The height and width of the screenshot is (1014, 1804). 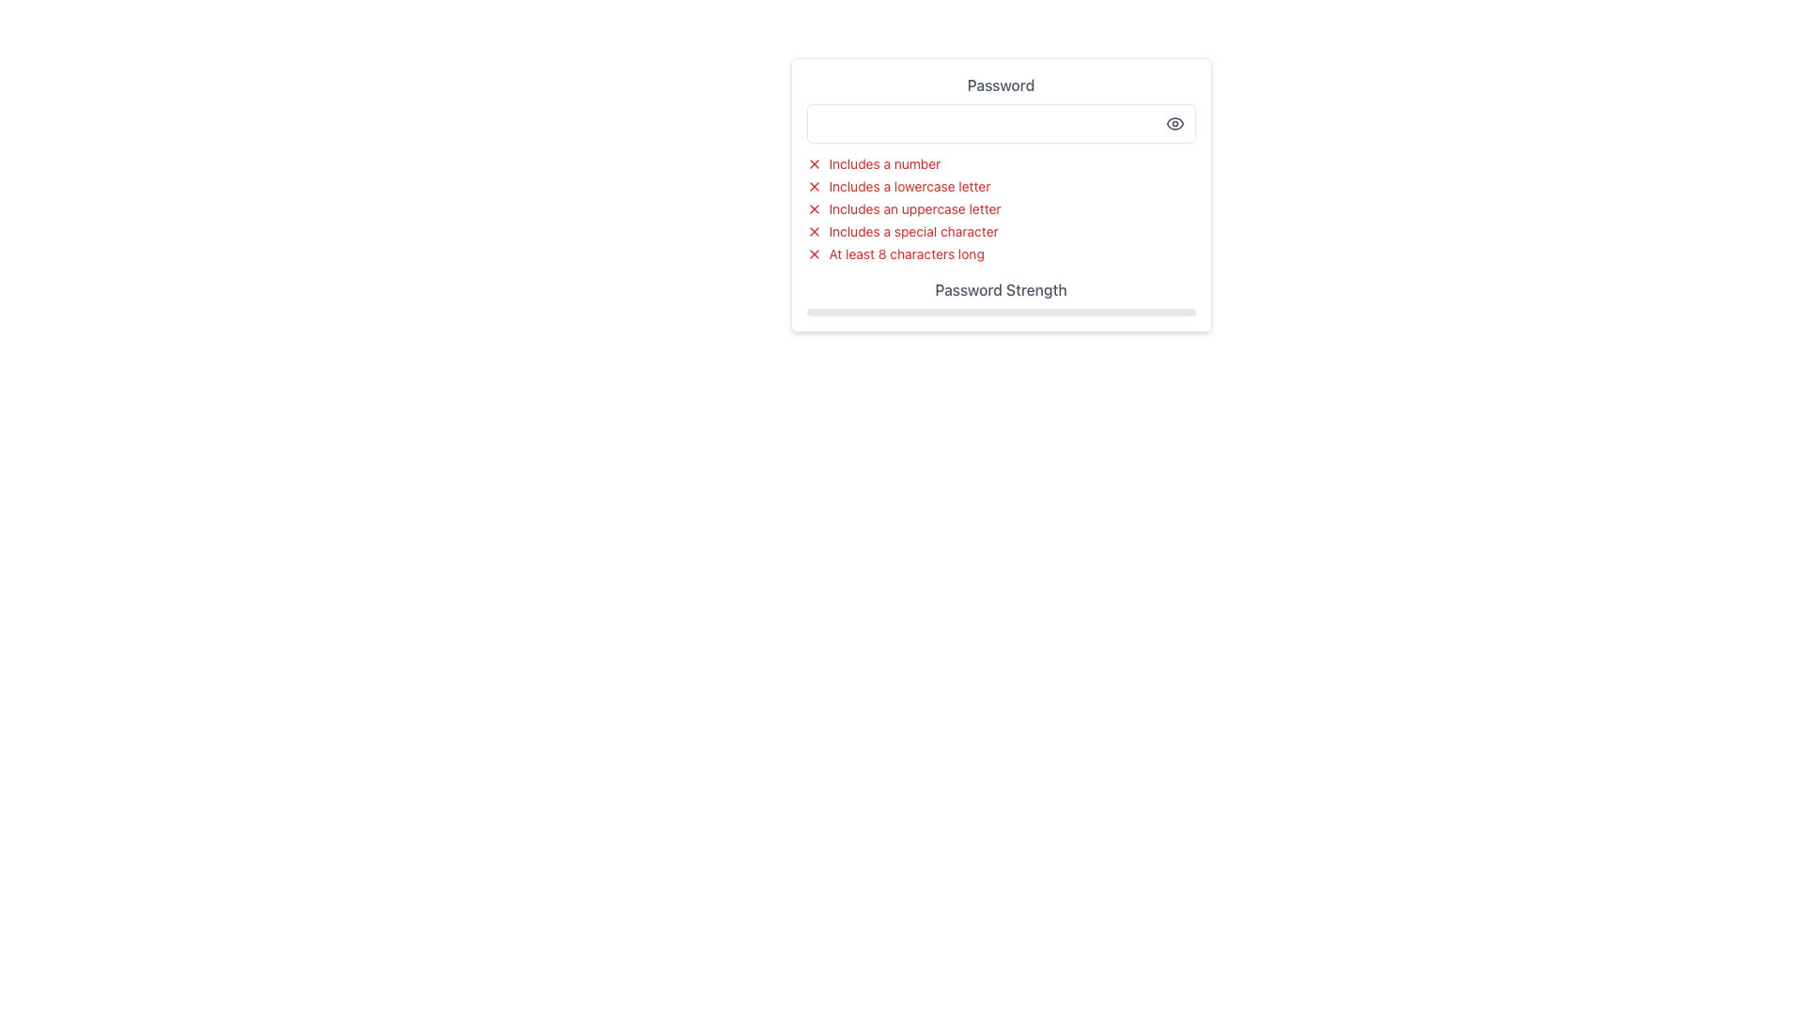 I want to click on the 'Password Strength' text label, which is styled in medium gray font, located below password criteria instructions and above a progress bar, so click(x=1000, y=289).